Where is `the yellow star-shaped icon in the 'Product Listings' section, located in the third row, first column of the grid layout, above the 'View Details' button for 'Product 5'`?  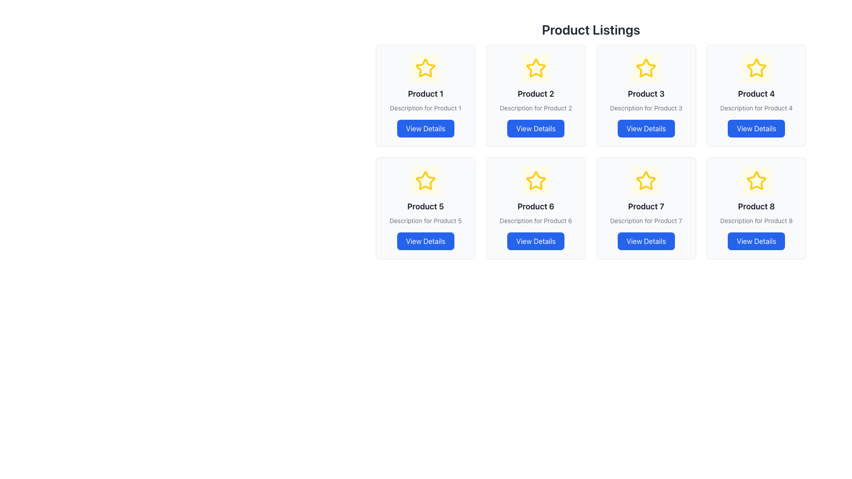
the yellow star-shaped icon in the 'Product Listings' section, located in the third row, first column of the grid layout, above the 'View Details' button for 'Product 5' is located at coordinates (425, 180).